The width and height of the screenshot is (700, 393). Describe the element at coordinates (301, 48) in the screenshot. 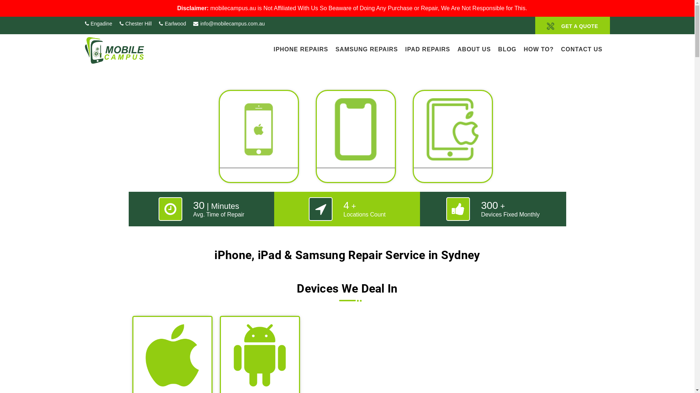

I see `'IPHONE REPAIRS'` at that location.